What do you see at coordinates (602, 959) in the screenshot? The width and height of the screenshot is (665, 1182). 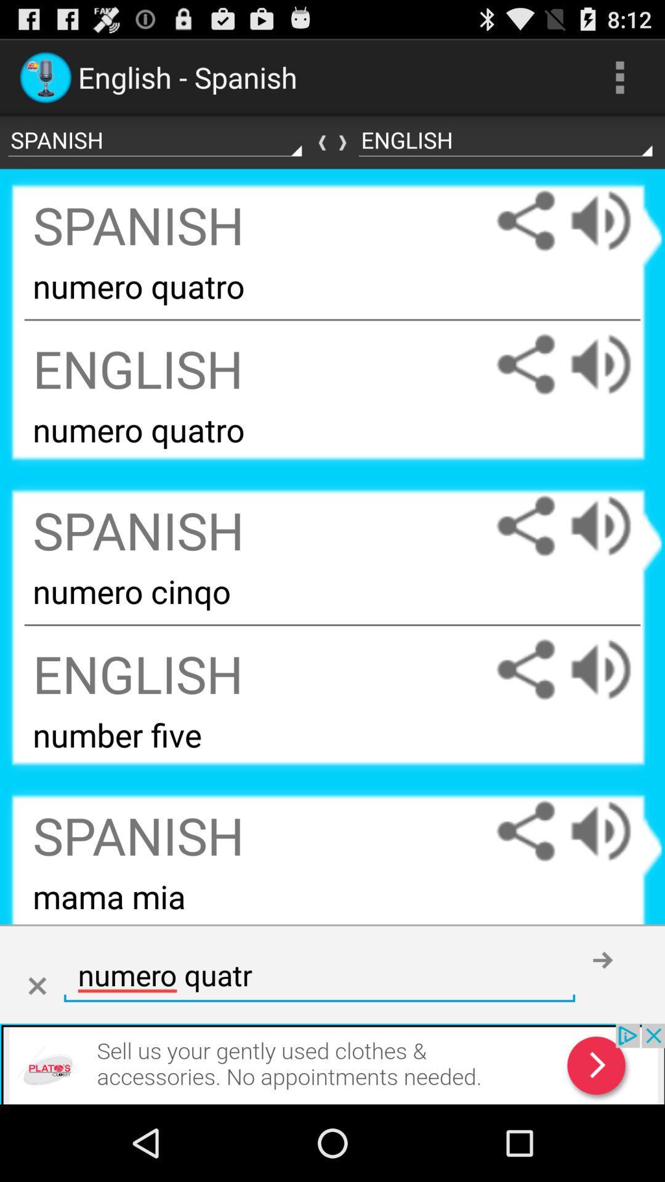 I see `next button` at bounding box center [602, 959].